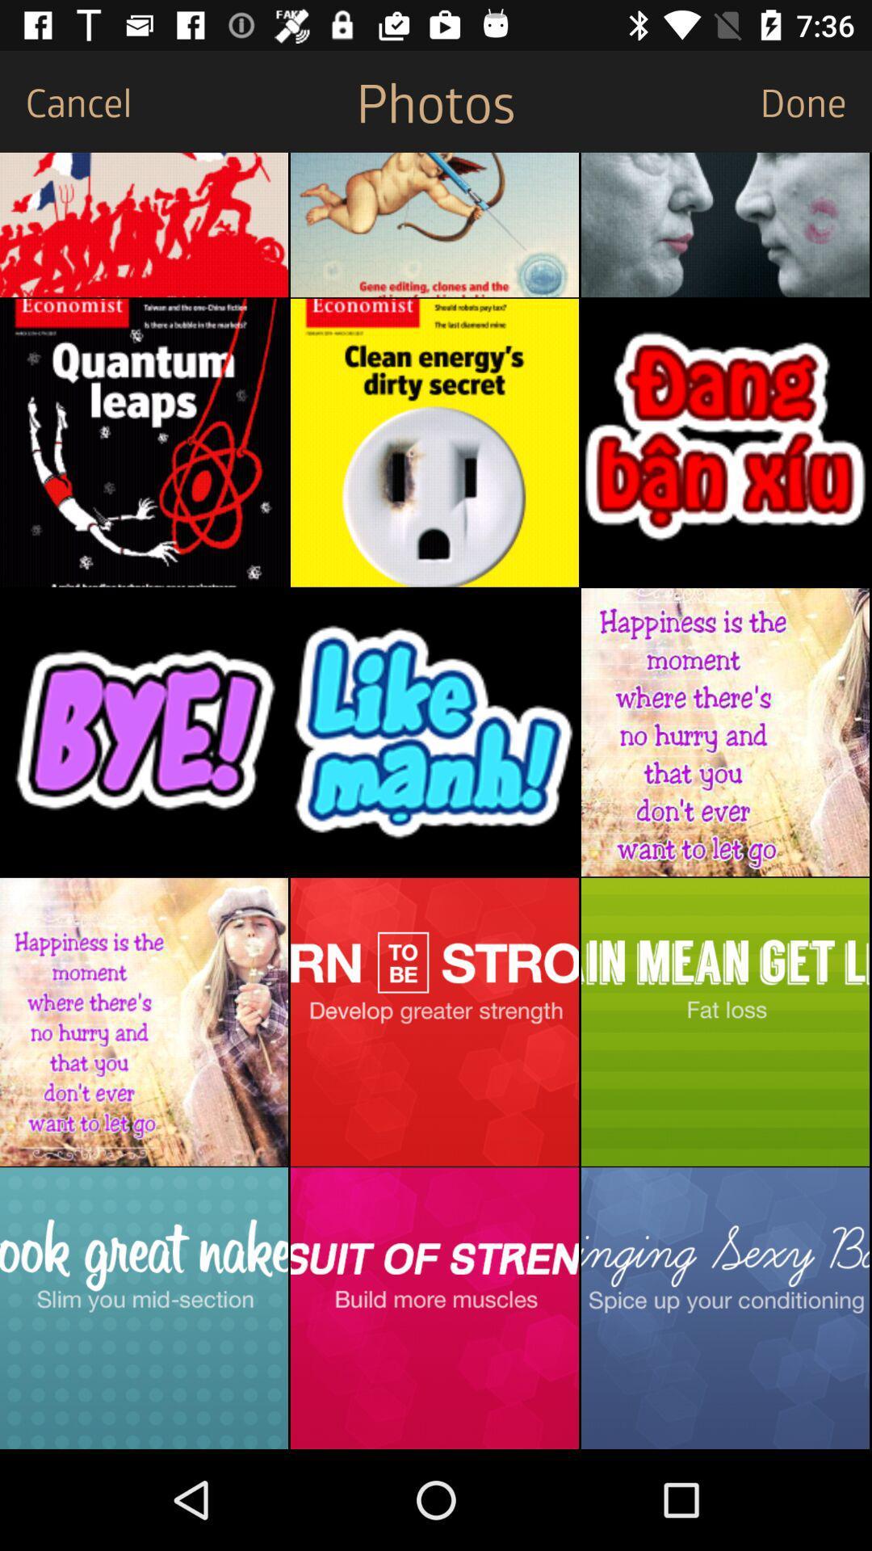 Image resolution: width=872 pixels, height=1551 pixels. Describe the element at coordinates (724, 443) in the screenshot. I see `open photo` at that location.